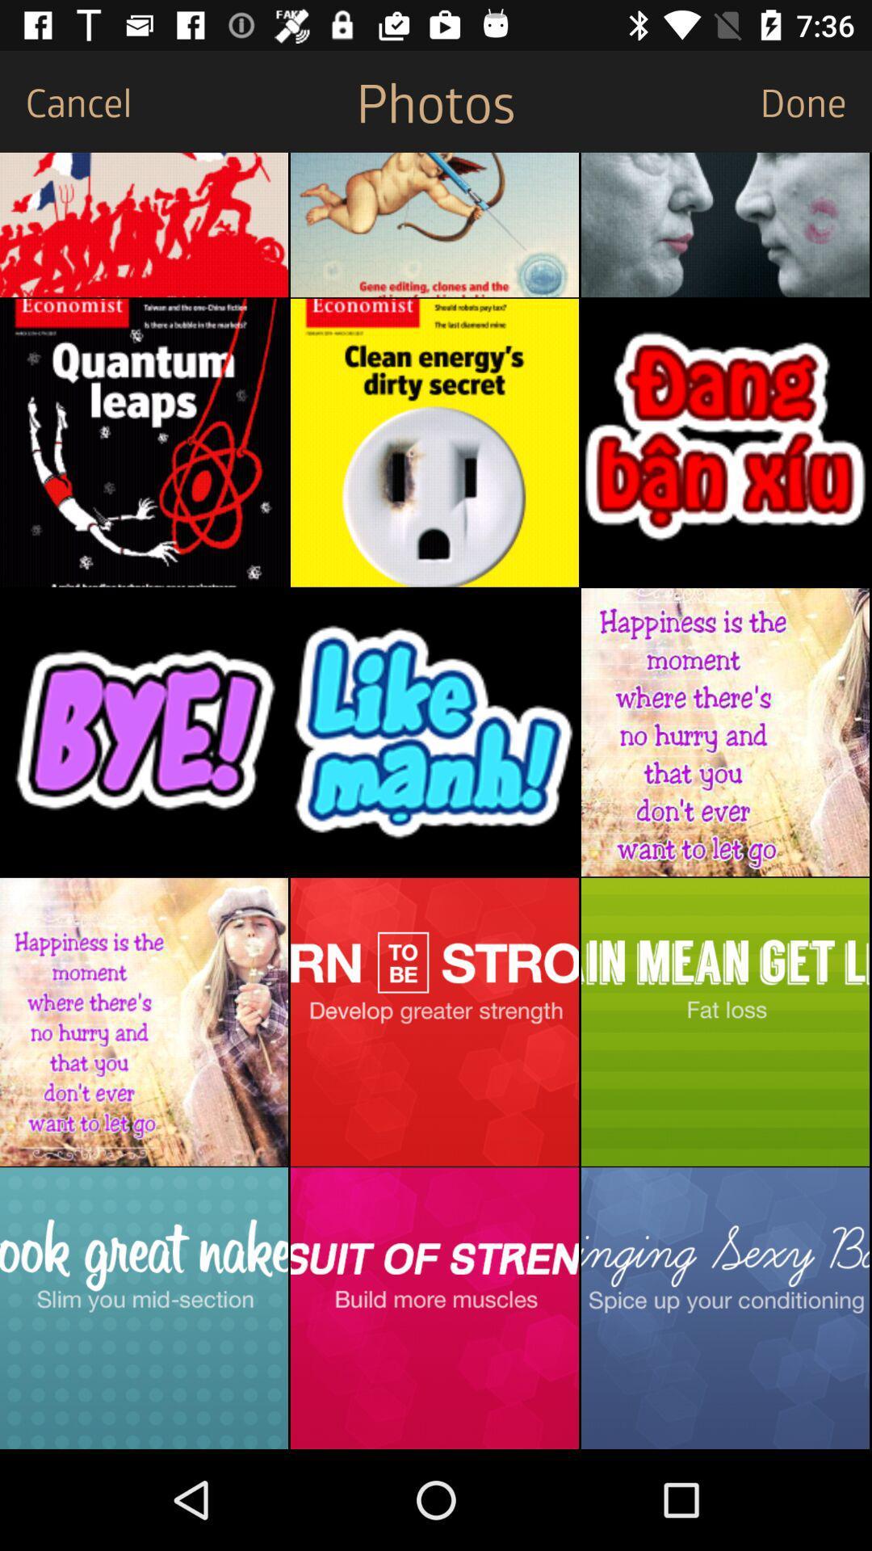 Image resolution: width=872 pixels, height=1551 pixels. Describe the element at coordinates (724, 443) in the screenshot. I see `open photo` at that location.